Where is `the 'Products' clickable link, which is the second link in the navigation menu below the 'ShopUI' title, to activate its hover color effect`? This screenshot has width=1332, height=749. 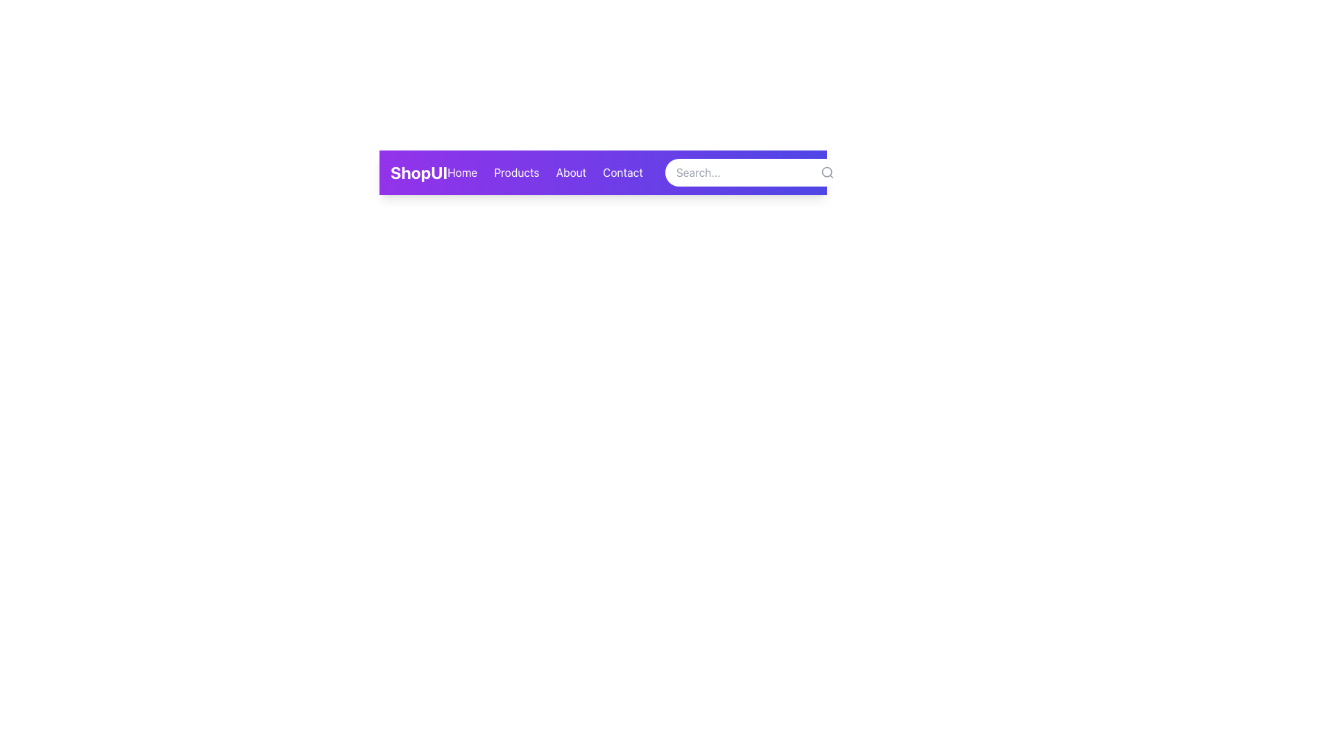 the 'Products' clickable link, which is the second link in the navigation menu below the 'ShopUI' title, to activate its hover color effect is located at coordinates (515, 172).